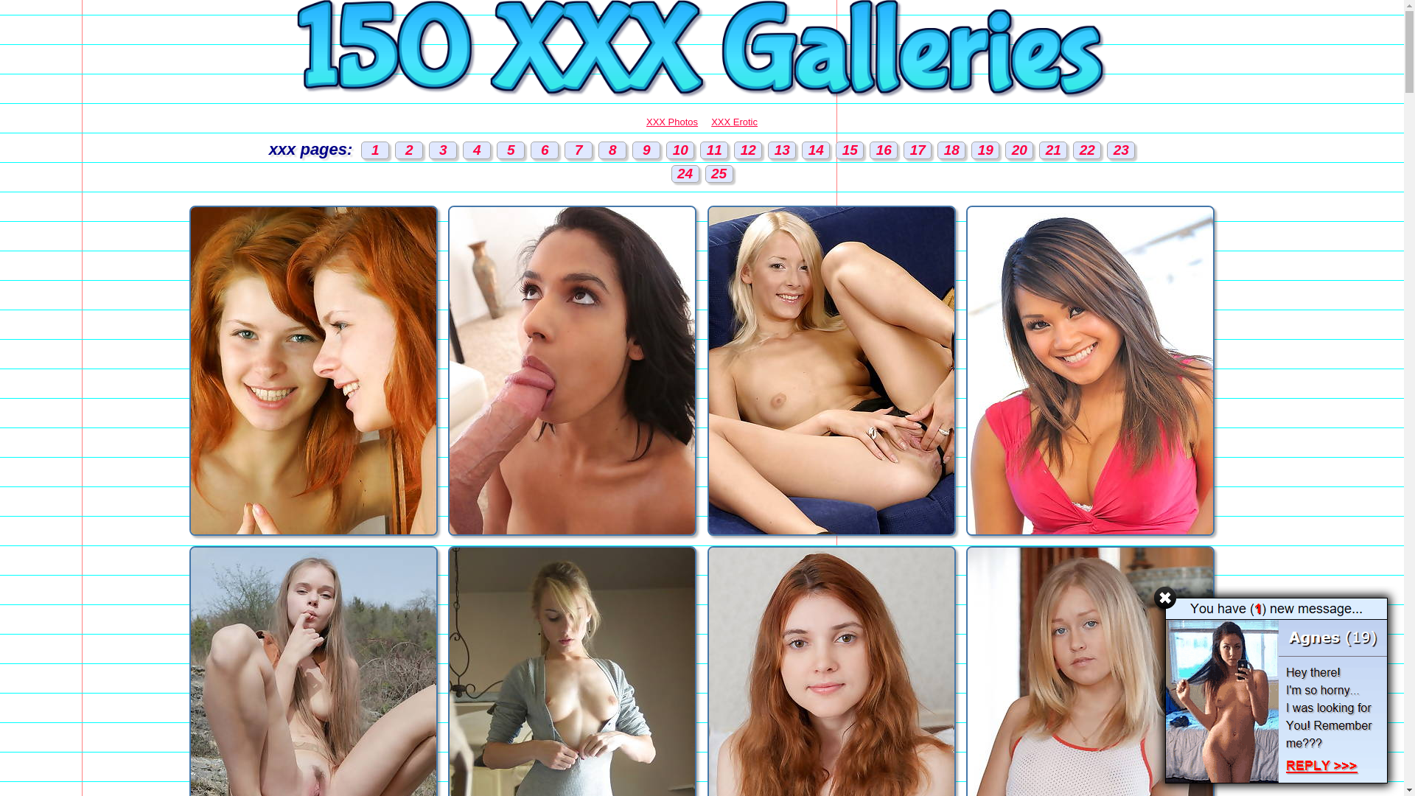  Describe the element at coordinates (1086, 150) in the screenshot. I see `'22'` at that location.